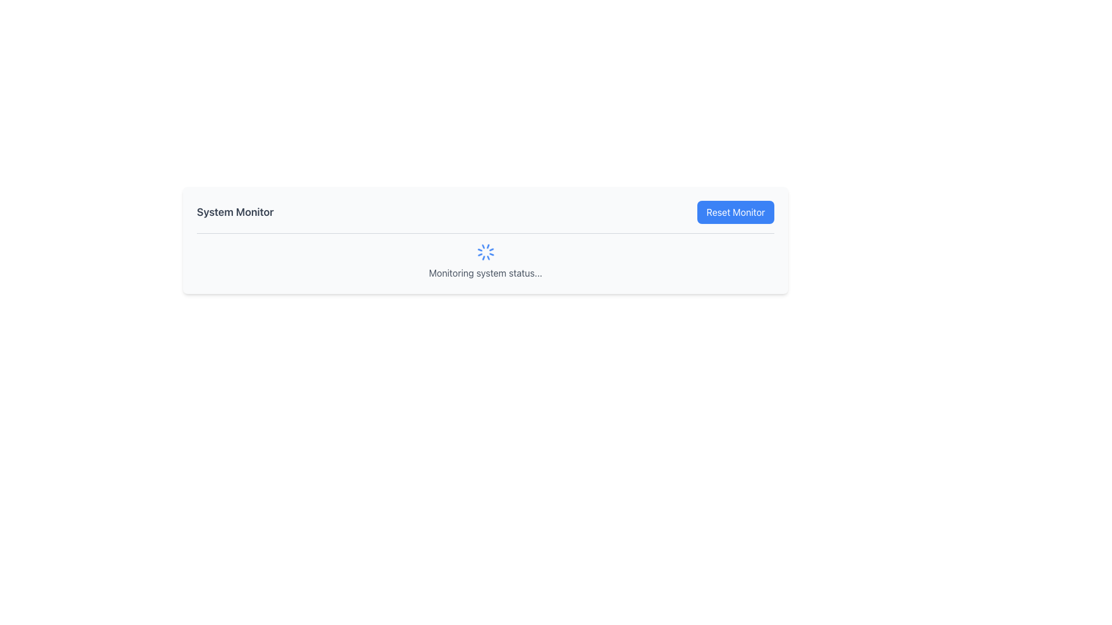 Image resolution: width=1112 pixels, height=625 pixels. What do you see at coordinates (485, 251) in the screenshot?
I see `the circular loading spinner with blue radial spokes that indicates a loading state, located in the center of the status card above the text 'Monitoring system status...'` at bounding box center [485, 251].